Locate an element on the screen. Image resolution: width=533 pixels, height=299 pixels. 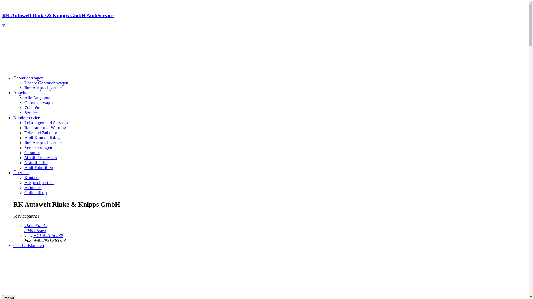
'Alle Angebote' is located at coordinates (37, 97).